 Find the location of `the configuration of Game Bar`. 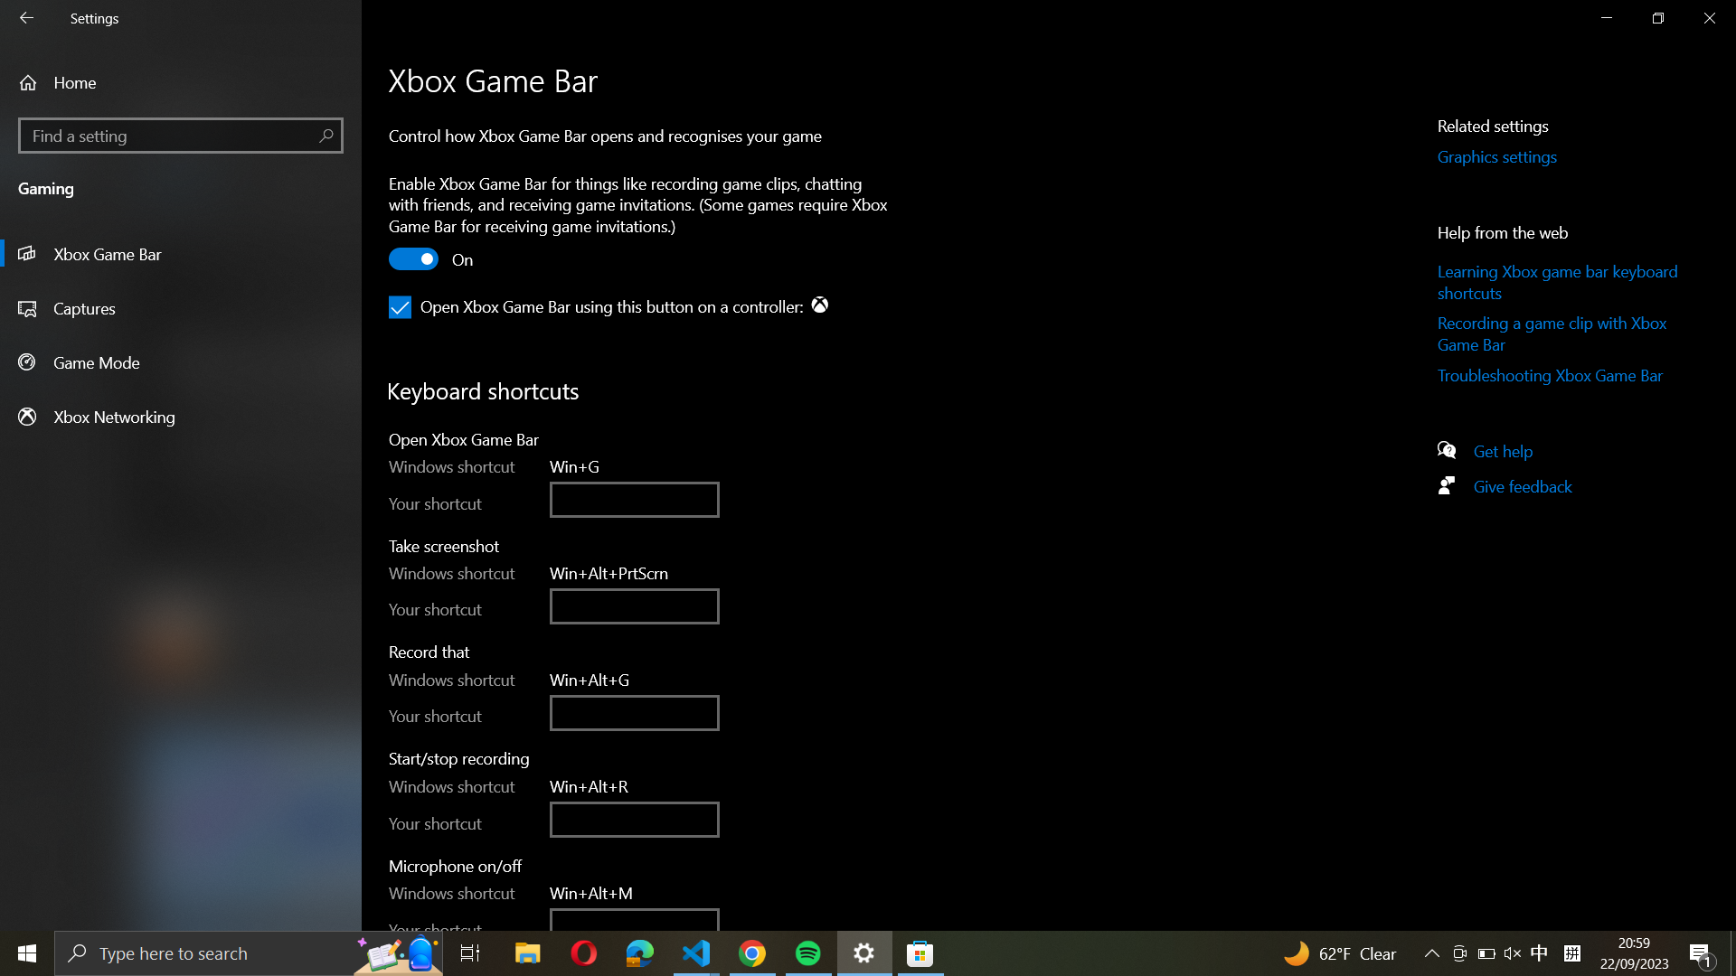

the configuration of Game Bar is located at coordinates (179, 254).